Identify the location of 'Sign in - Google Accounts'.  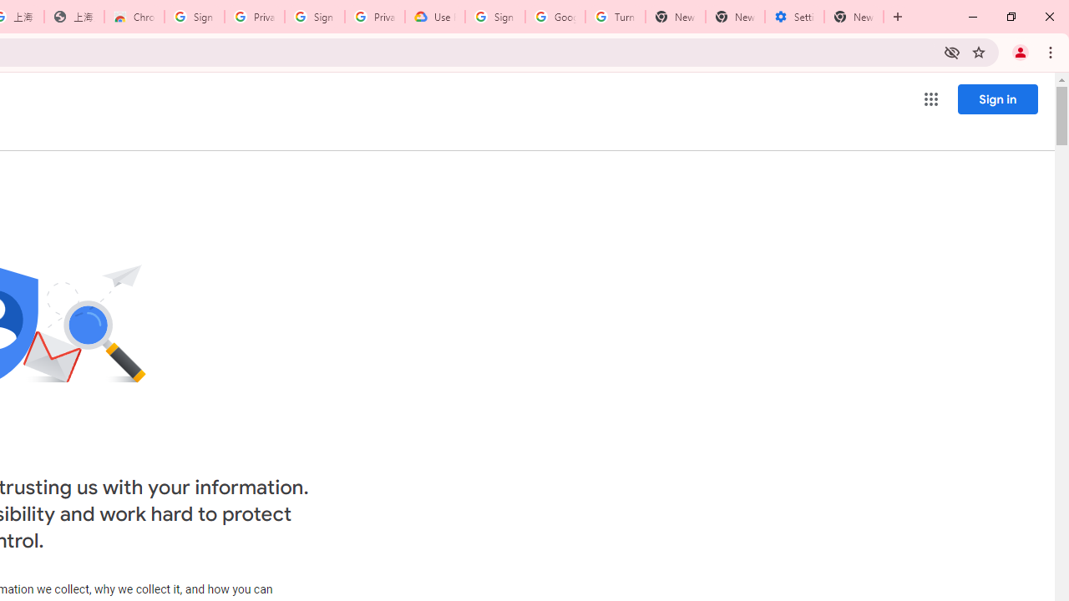
(194, 17).